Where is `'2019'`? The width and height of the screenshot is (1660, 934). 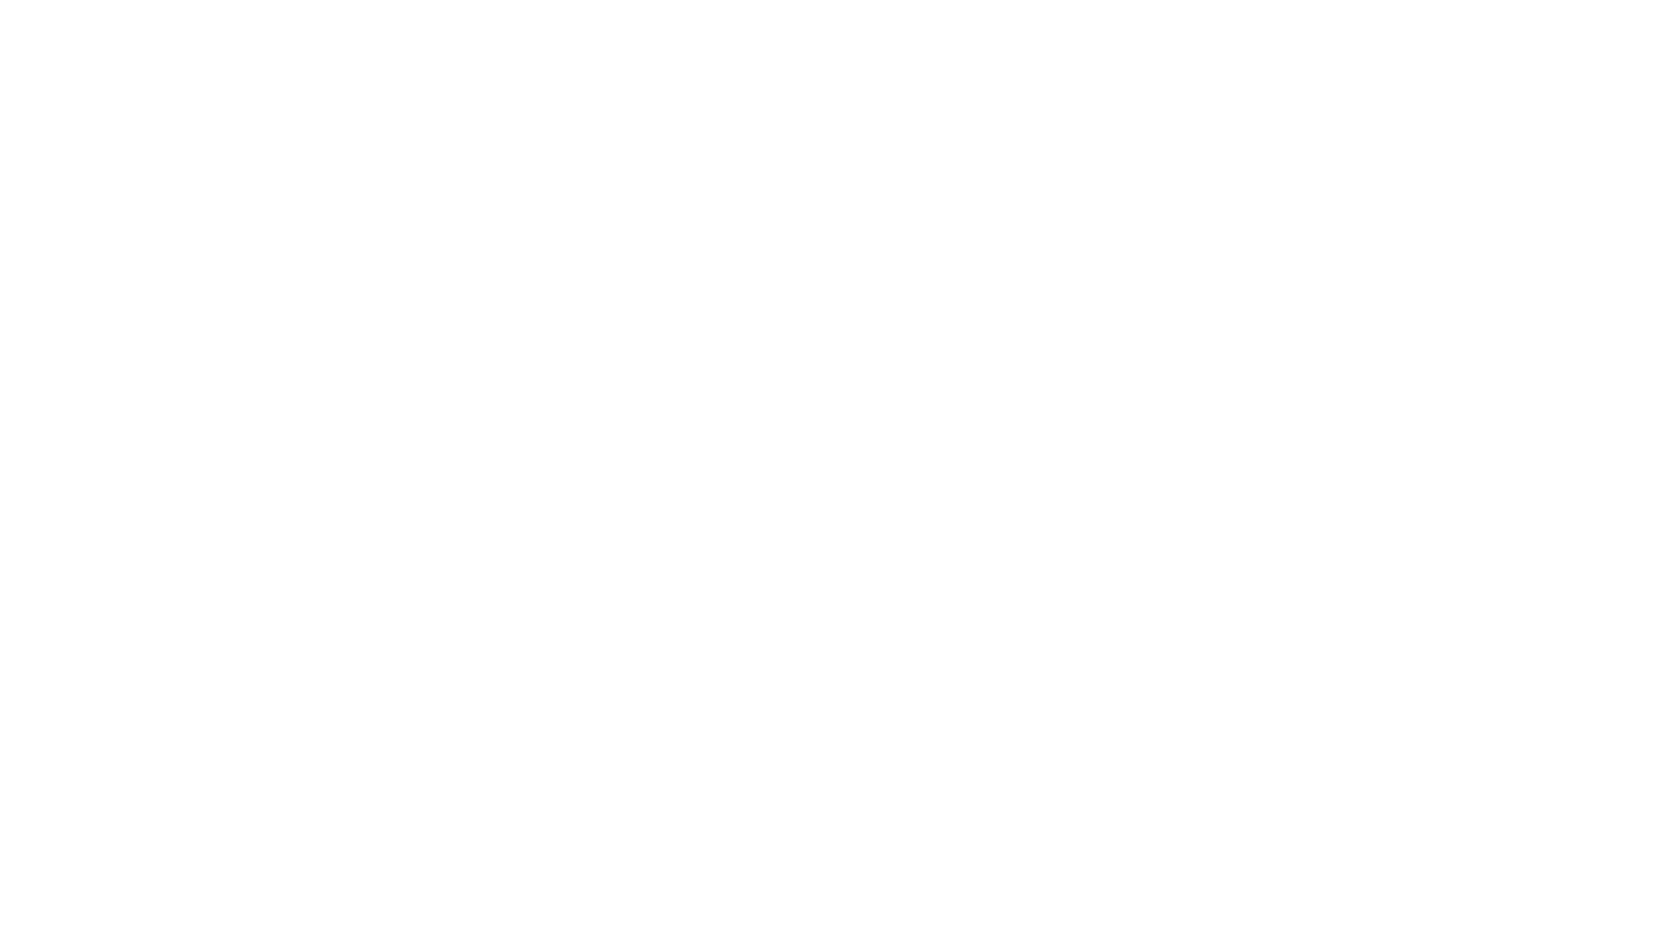 '2019' is located at coordinates (758, 91).